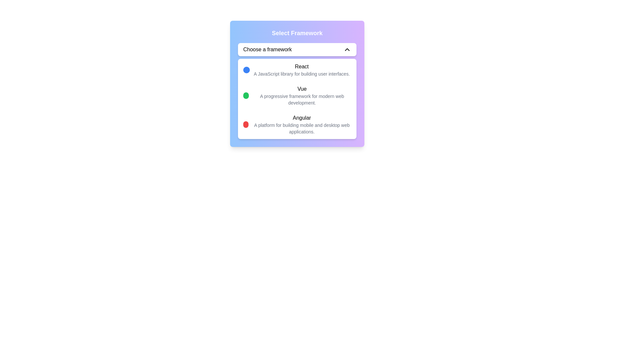 This screenshot has height=355, width=632. What do you see at coordinates (297, 95) in the screenshot?
I see `the List item displaying 'Vue' with a green icon` at bounding box center [297, 95].